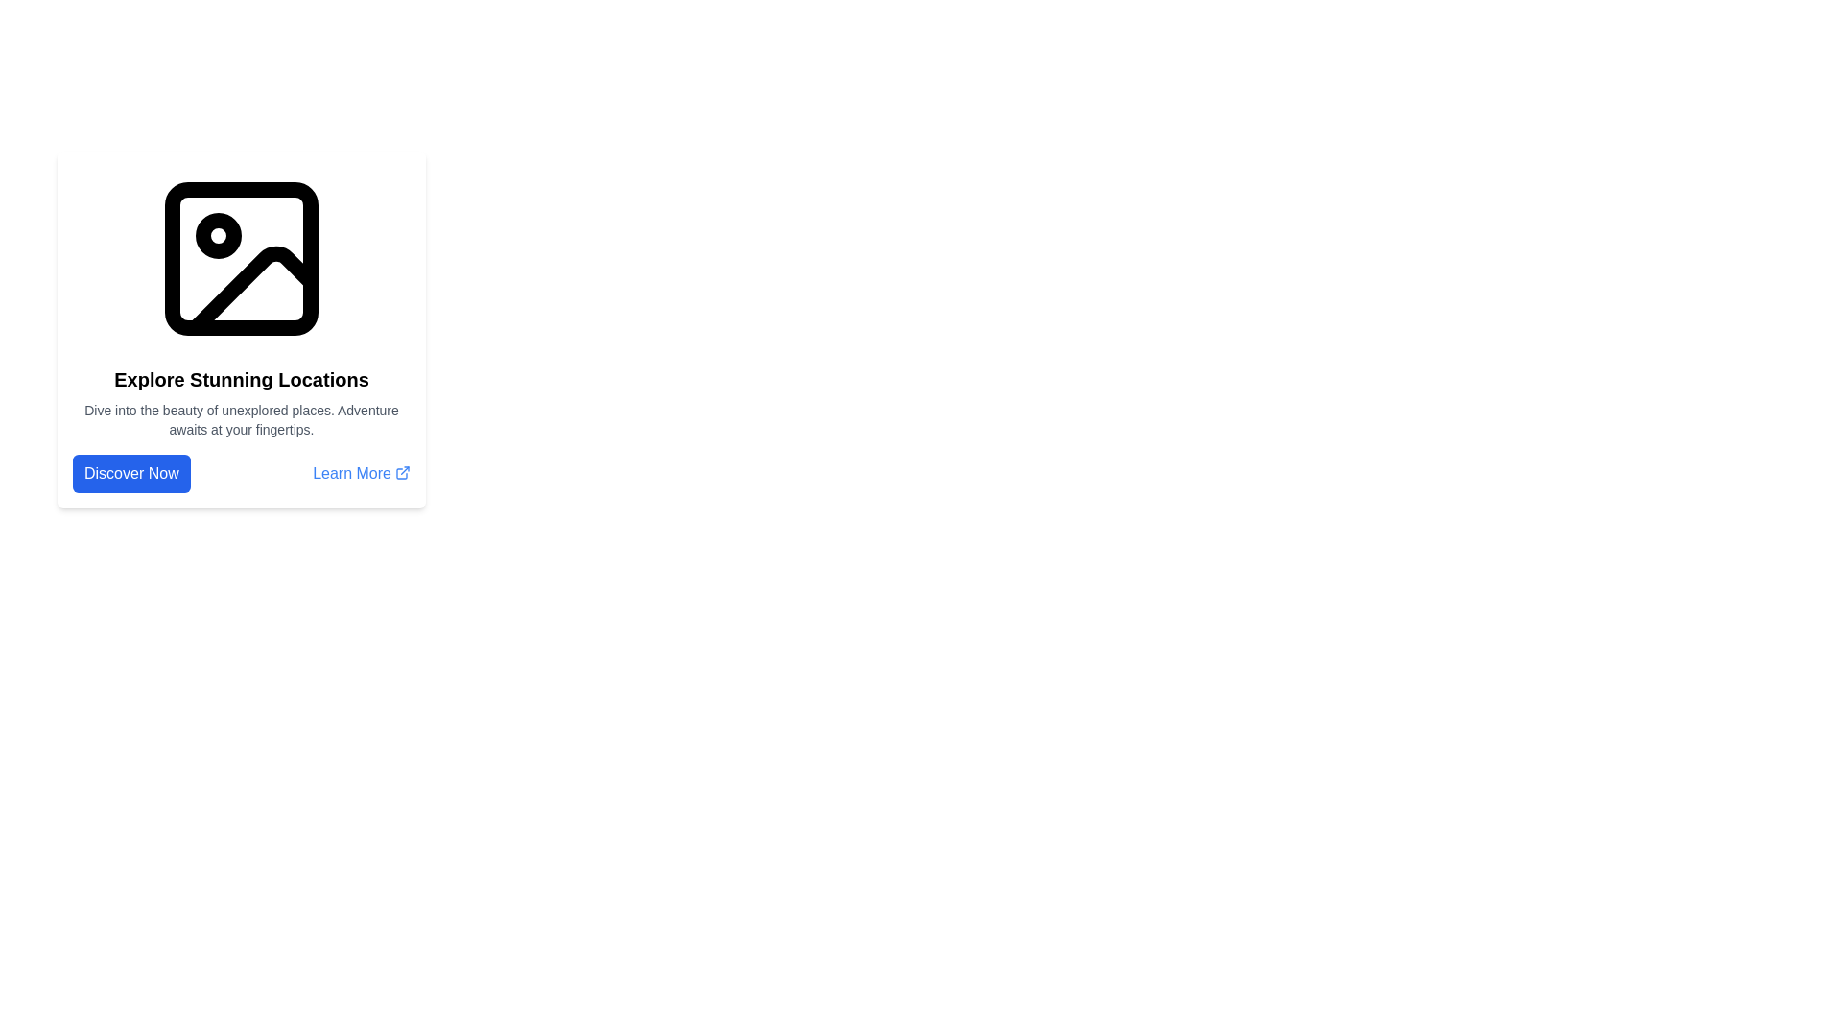 This screenshot has height=1036, width=1842. What do you see at coordinates (362, 473) in the screenshot?
I see `the hyperlink positioned to the right of the 'Discover Now' button` at bounding box center [362, 473].